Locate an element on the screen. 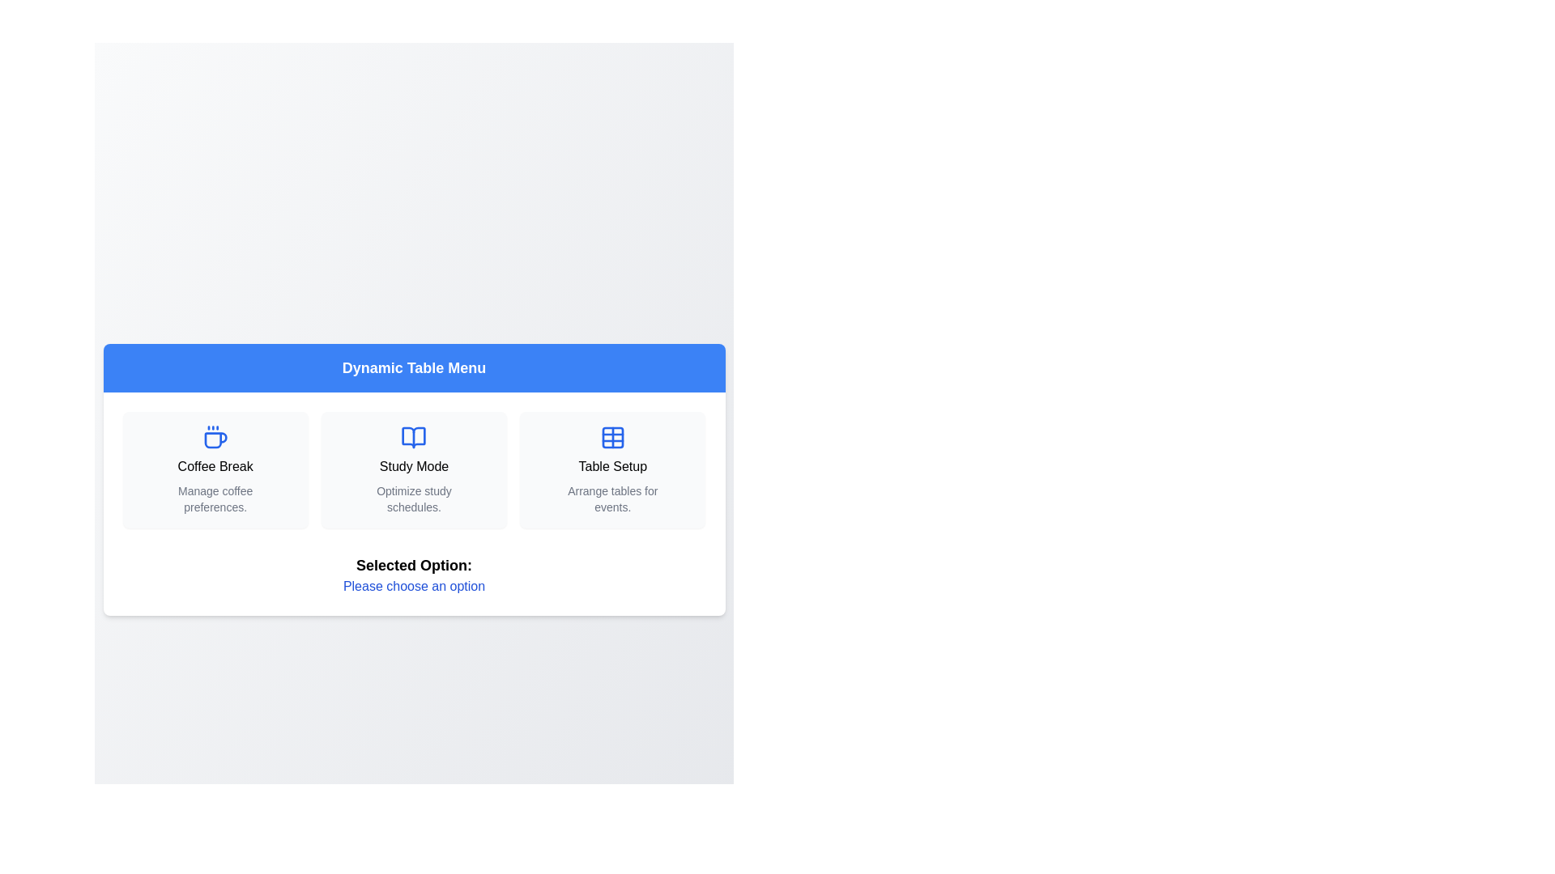 This screenshot has height=874, width=1555. the menu option Table Setup from the Dynamic Table Menu is located at coordinates (611, 470).